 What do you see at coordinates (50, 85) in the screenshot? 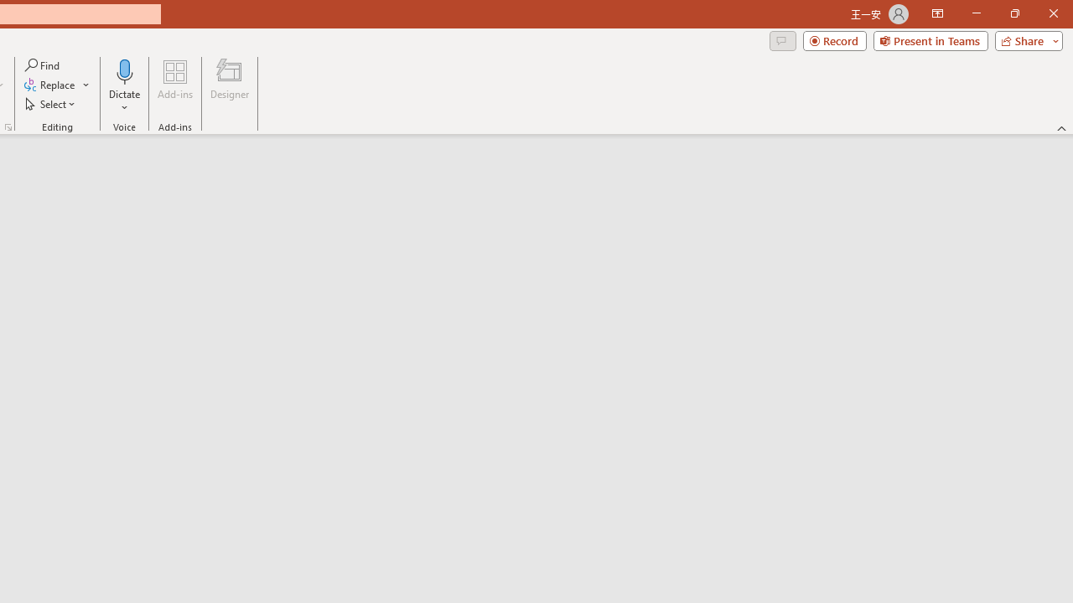
I see `'Replace...'` at bounding box center [50, 85].